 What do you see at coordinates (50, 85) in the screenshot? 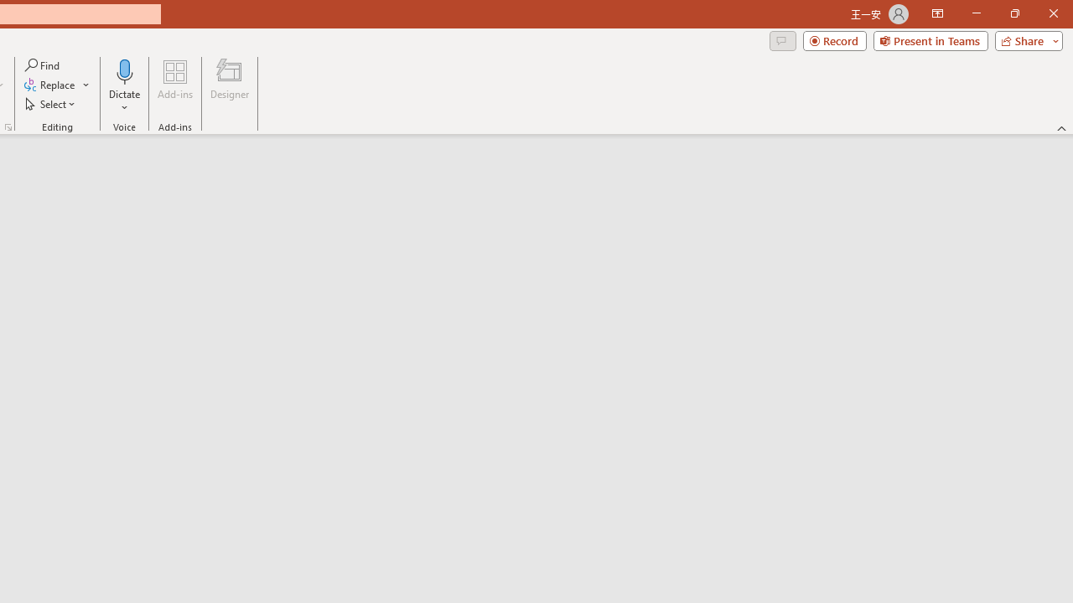
I see `'Replace...'` at bounding box center [50, 85].